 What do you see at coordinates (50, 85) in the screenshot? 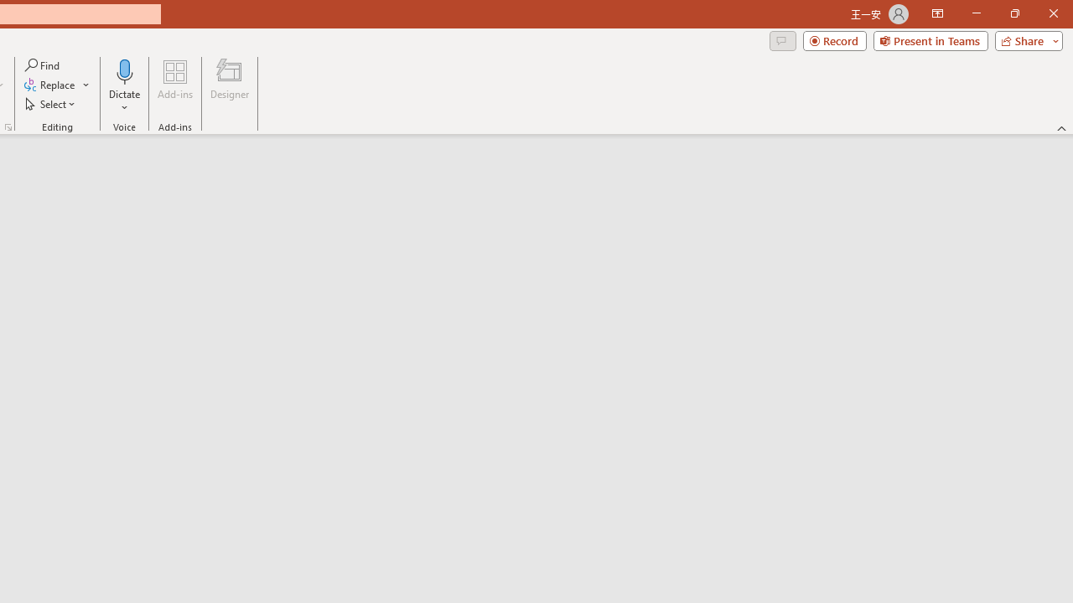
I see `'Replace...'` at bounding box center [50, 85].